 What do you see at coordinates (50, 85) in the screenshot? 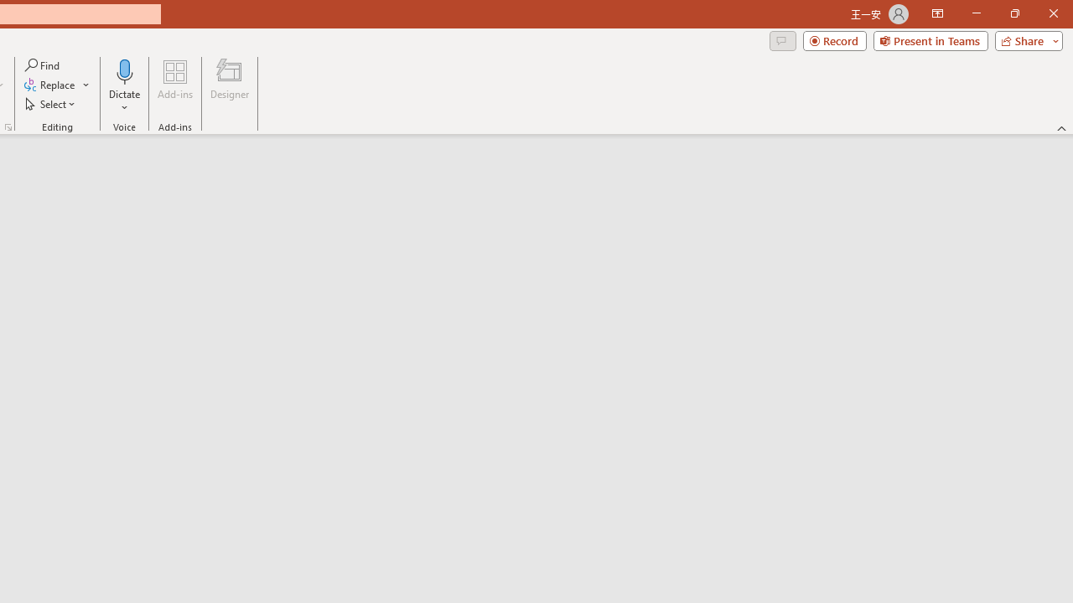
I see `'Replace...'` at bounding box center [50, 85].